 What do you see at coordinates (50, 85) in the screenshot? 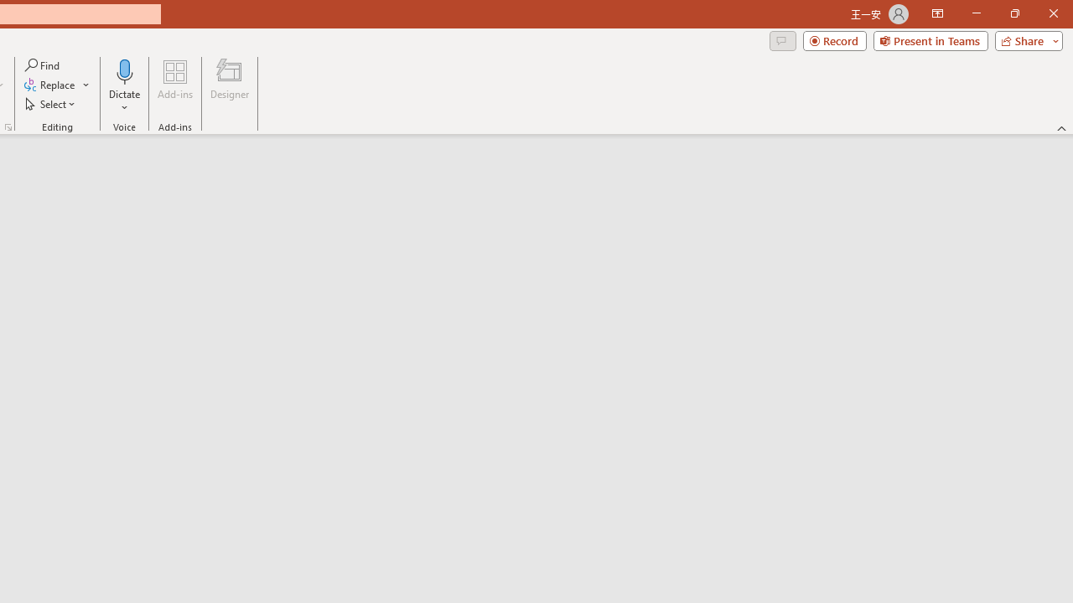
I see `'Replace...'` at bounding box center [50, 85].